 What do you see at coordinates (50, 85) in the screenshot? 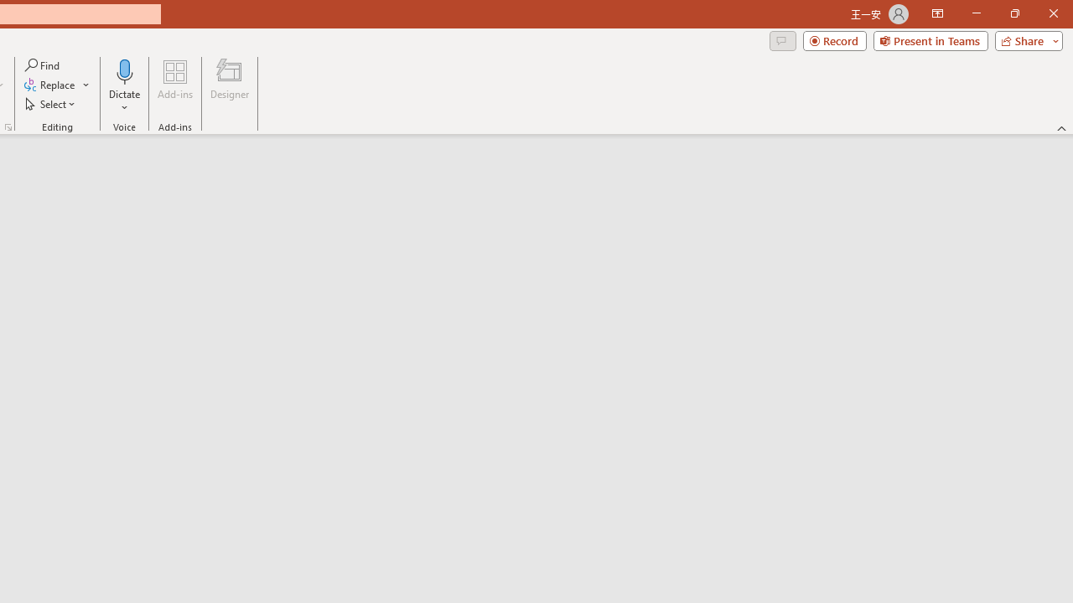
I see `'Replace...'` at bounding box center [50, 85].